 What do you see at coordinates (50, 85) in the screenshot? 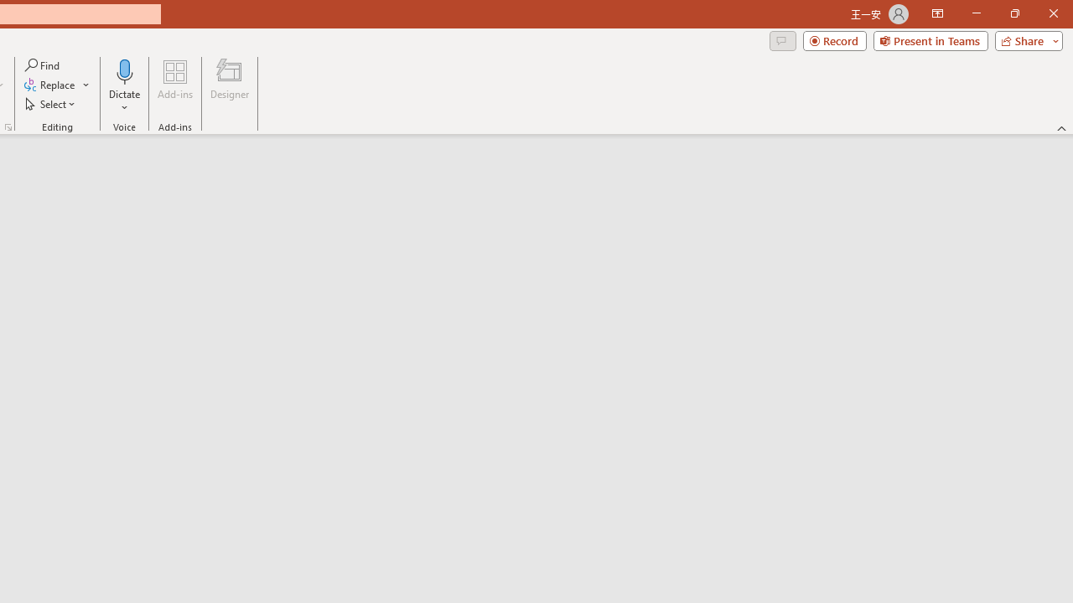
I see `'Replace...'` at bounding box center [50, 85].